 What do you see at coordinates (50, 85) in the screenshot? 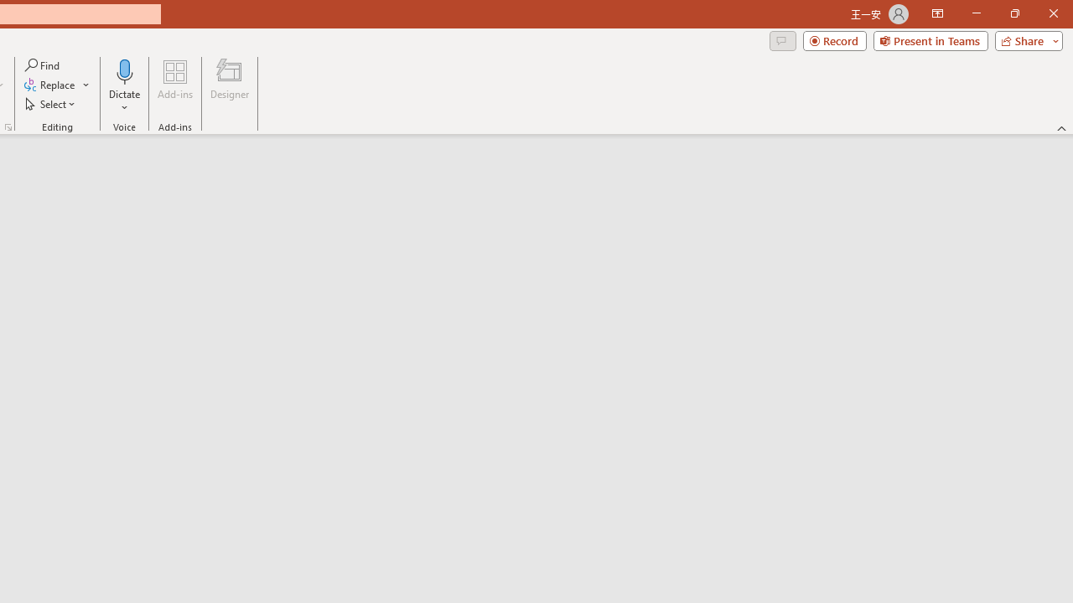
I see `'Replace...'` at bounding box center [50, 85].